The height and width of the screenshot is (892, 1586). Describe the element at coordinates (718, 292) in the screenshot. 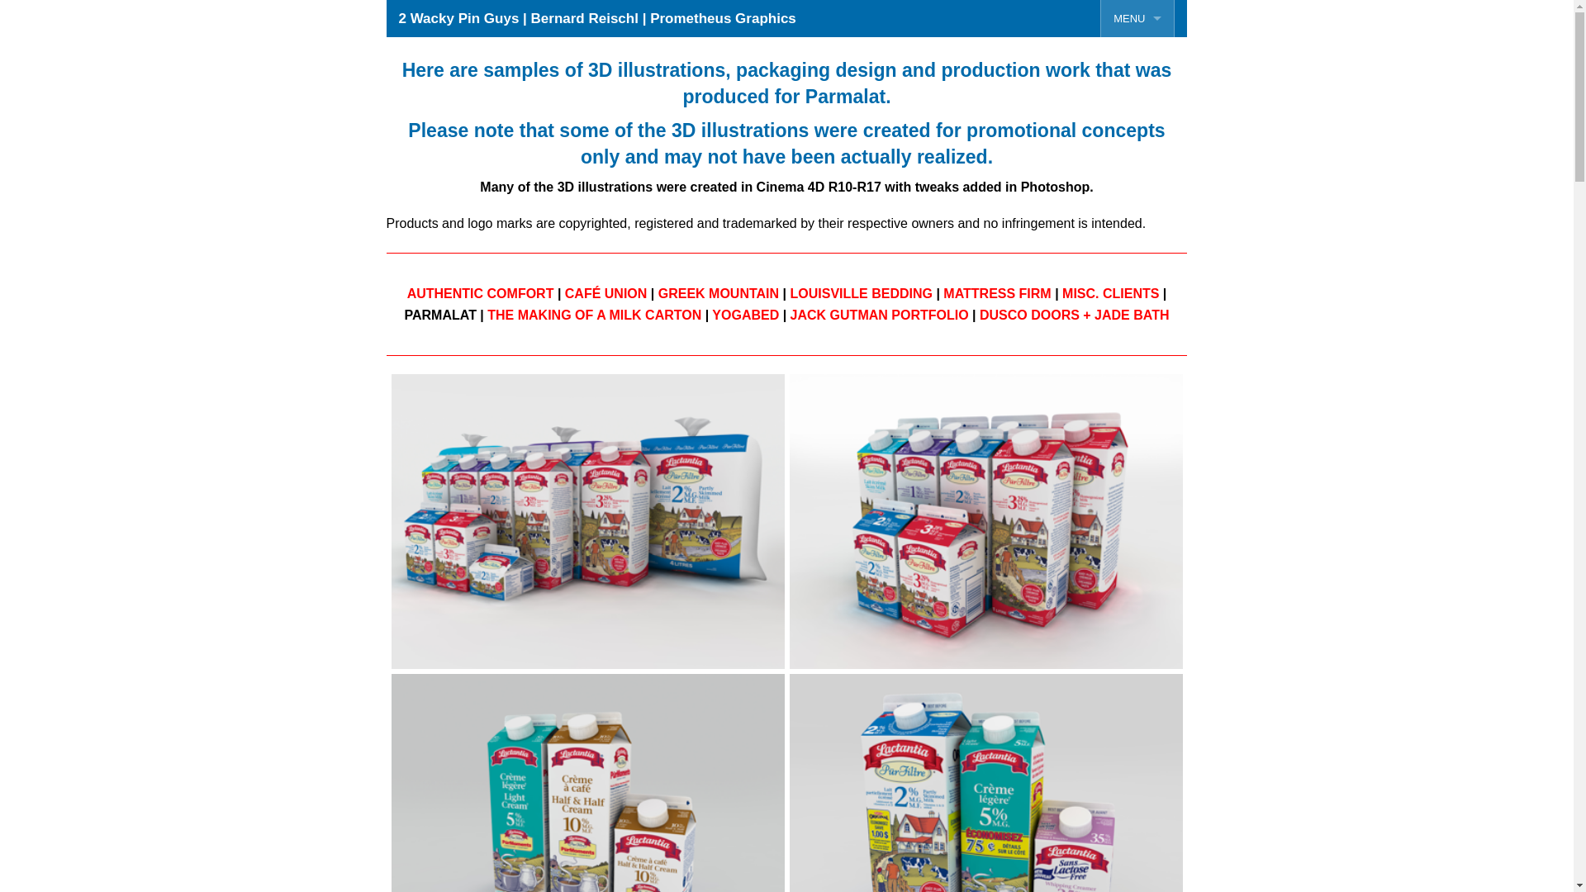

I see `'GREEK MOUNTAIN'` at that location.